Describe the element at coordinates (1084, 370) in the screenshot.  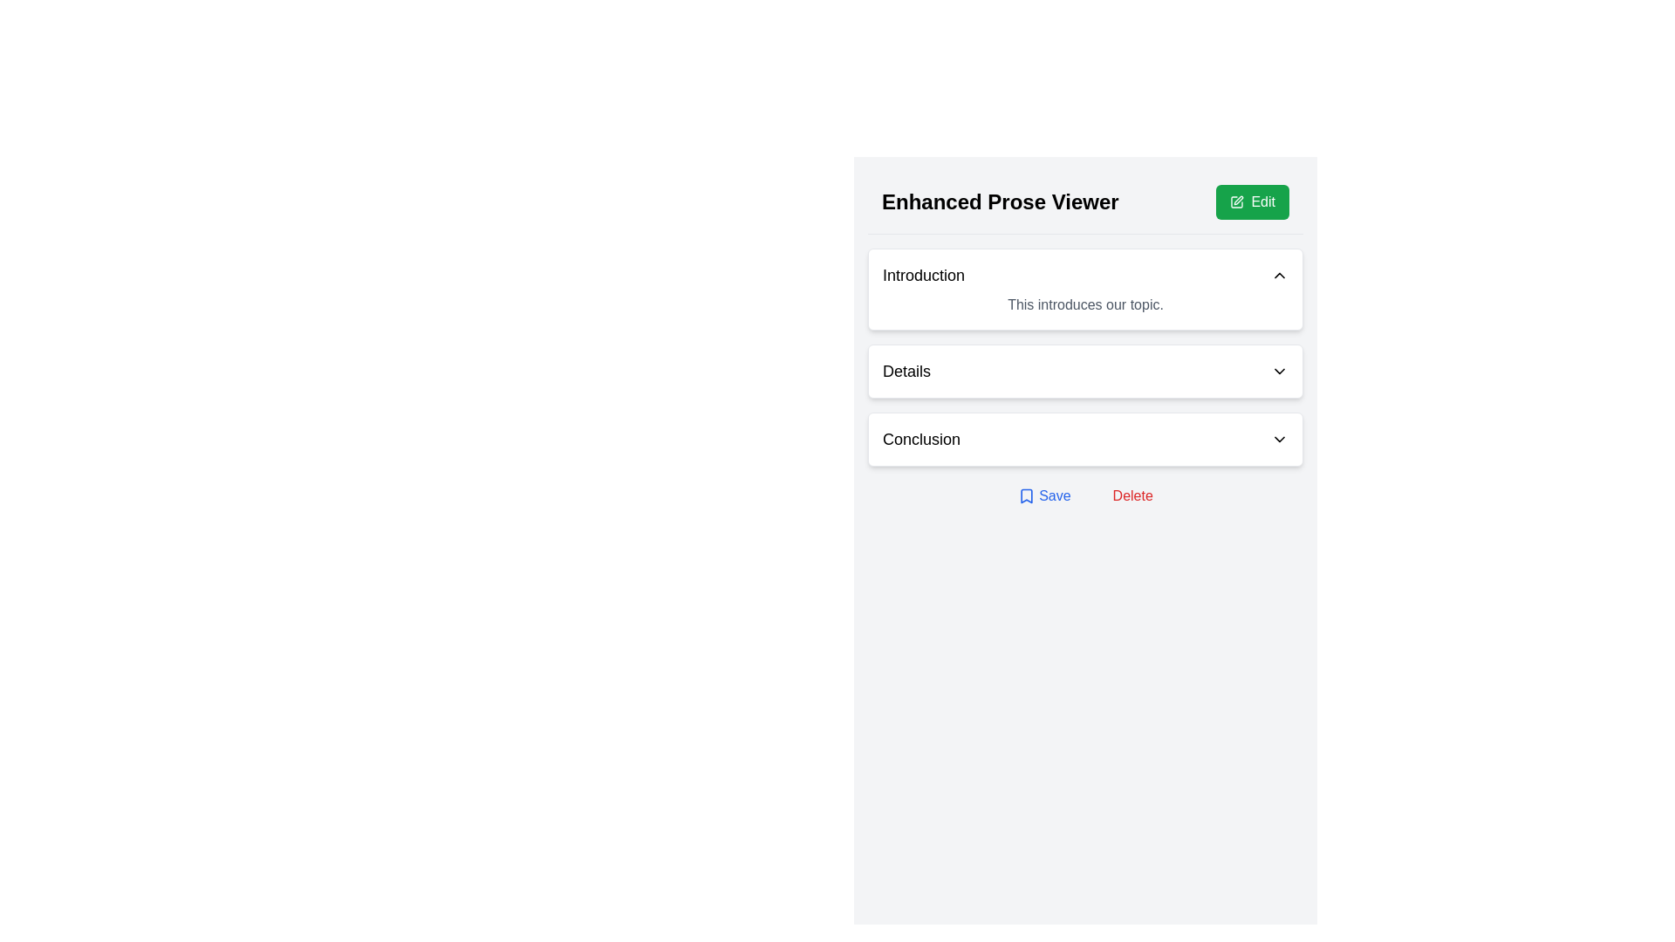
I see `the keyboard interaction on the 'Details' dropdown toggle` at that location.